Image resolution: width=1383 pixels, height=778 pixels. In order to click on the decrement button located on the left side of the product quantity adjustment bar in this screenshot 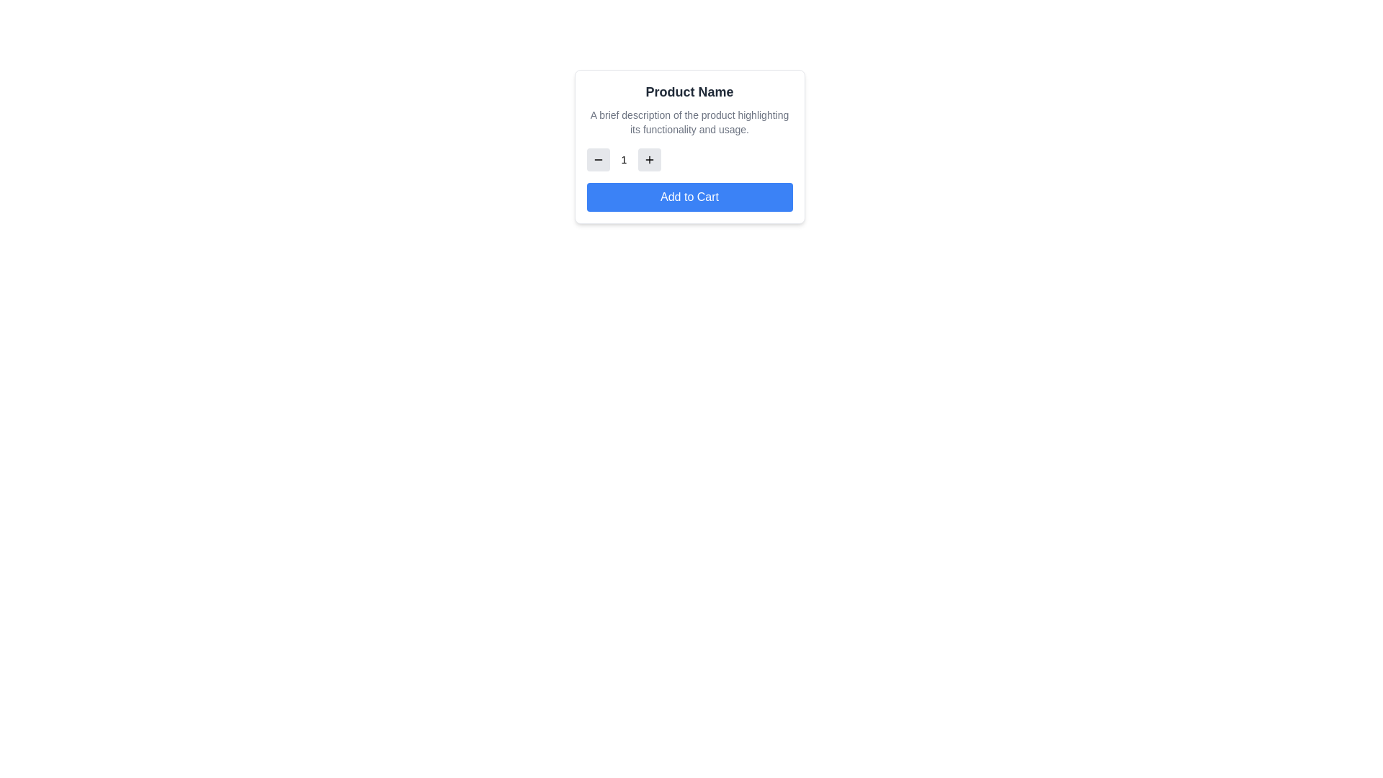, I will do `click(598, 160)`.